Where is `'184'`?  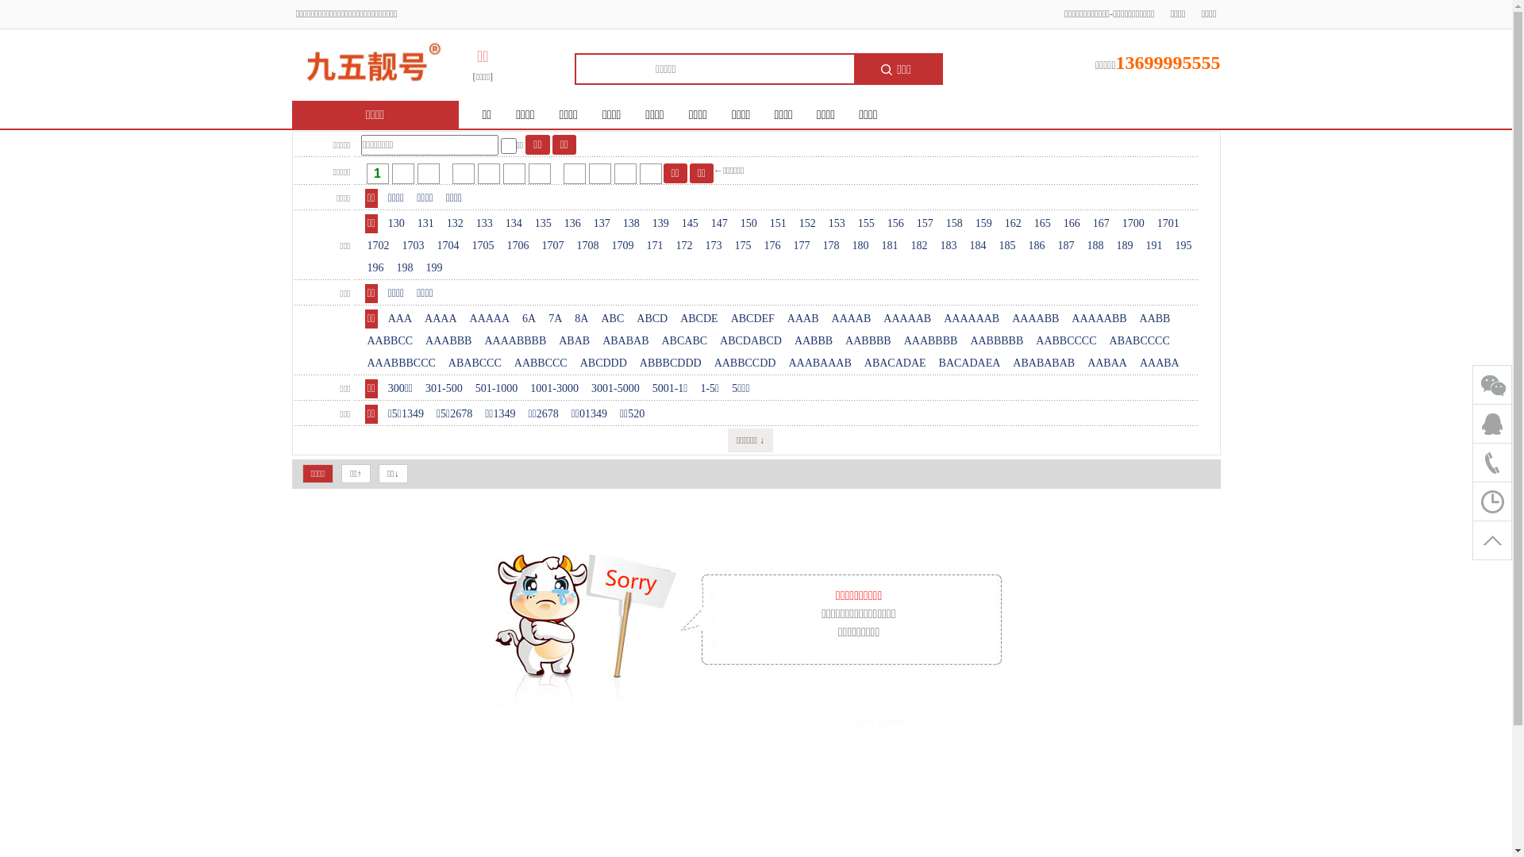 '184' is located at coordinates (976, 245).